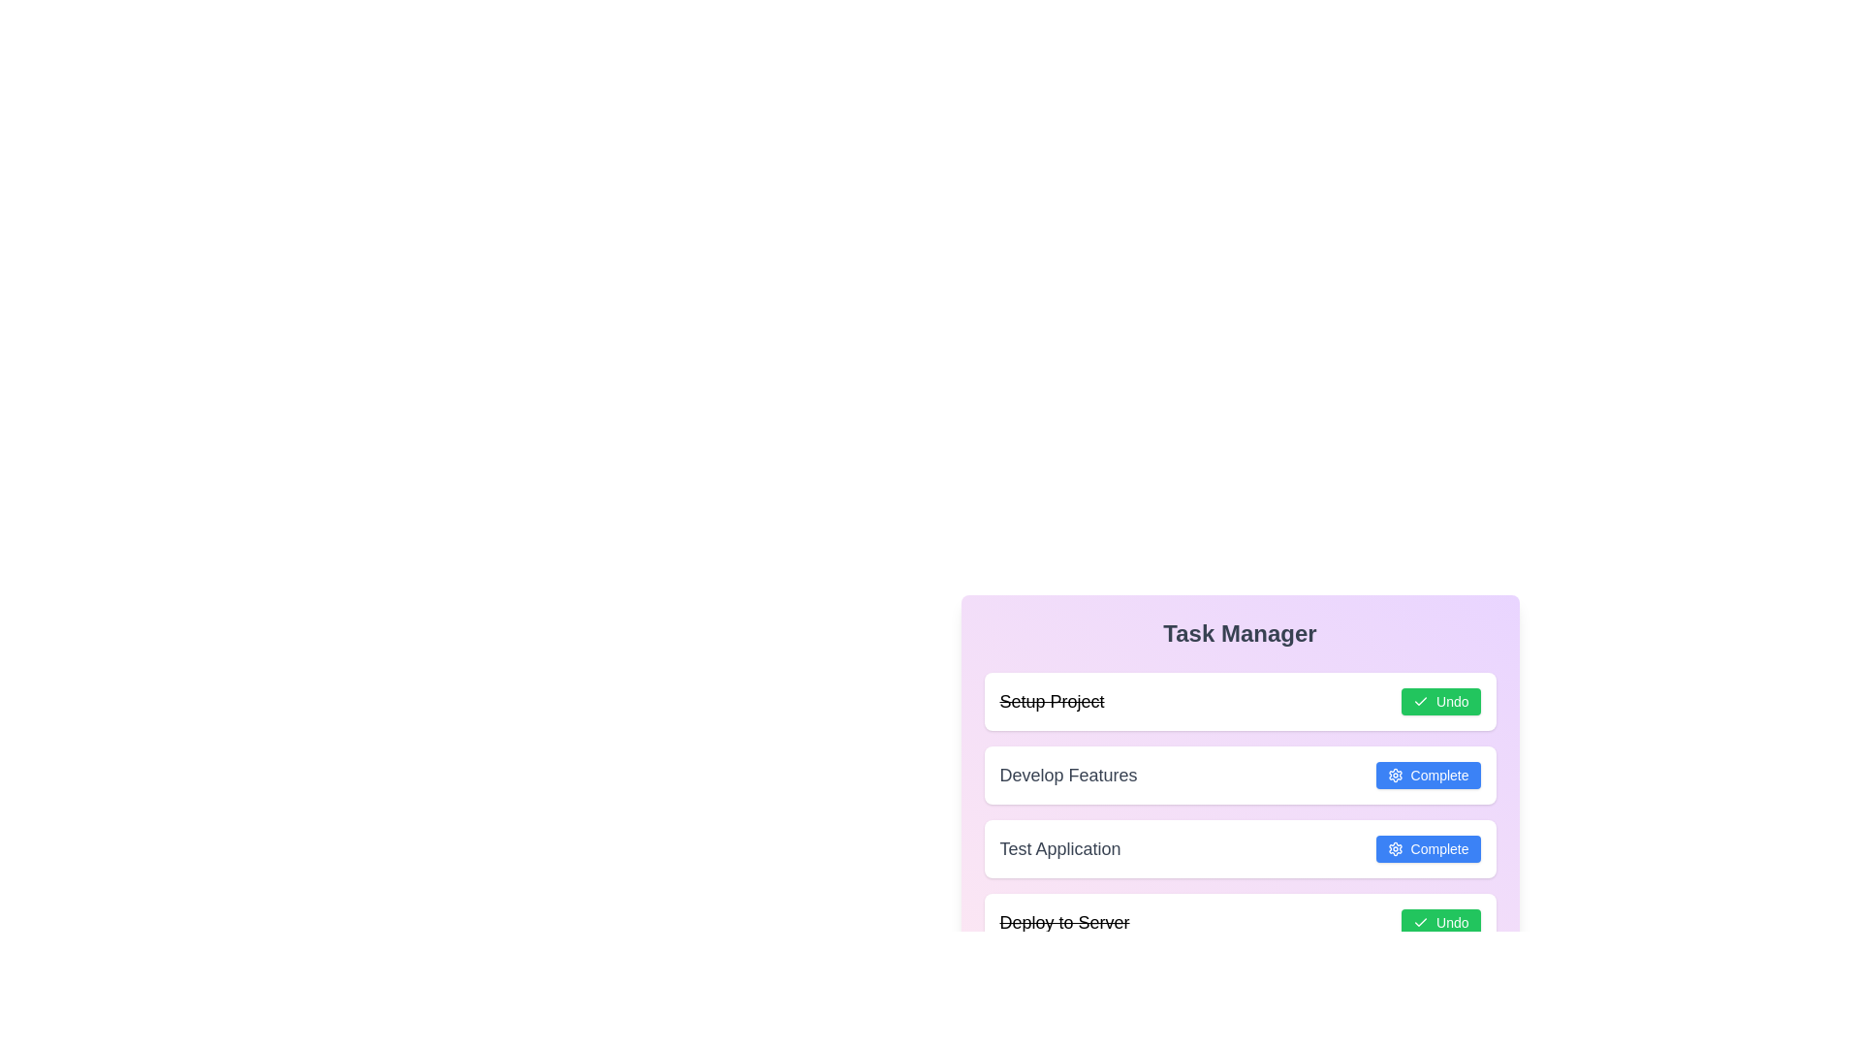 This screenshot has width=1861, height=1047. Describe the element at coordinates (1440, 922) in the screenshot. I see `the Undo button for the task Deploy to Server` at that location.